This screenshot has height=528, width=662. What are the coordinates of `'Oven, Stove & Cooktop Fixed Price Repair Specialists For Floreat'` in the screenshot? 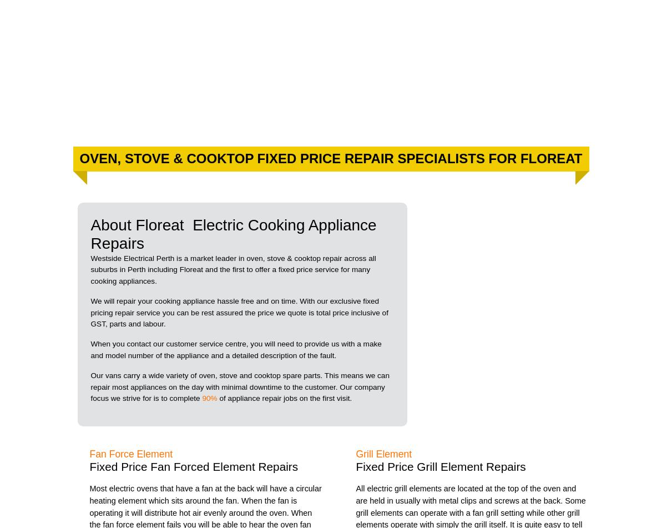 It's located at (331, 158).